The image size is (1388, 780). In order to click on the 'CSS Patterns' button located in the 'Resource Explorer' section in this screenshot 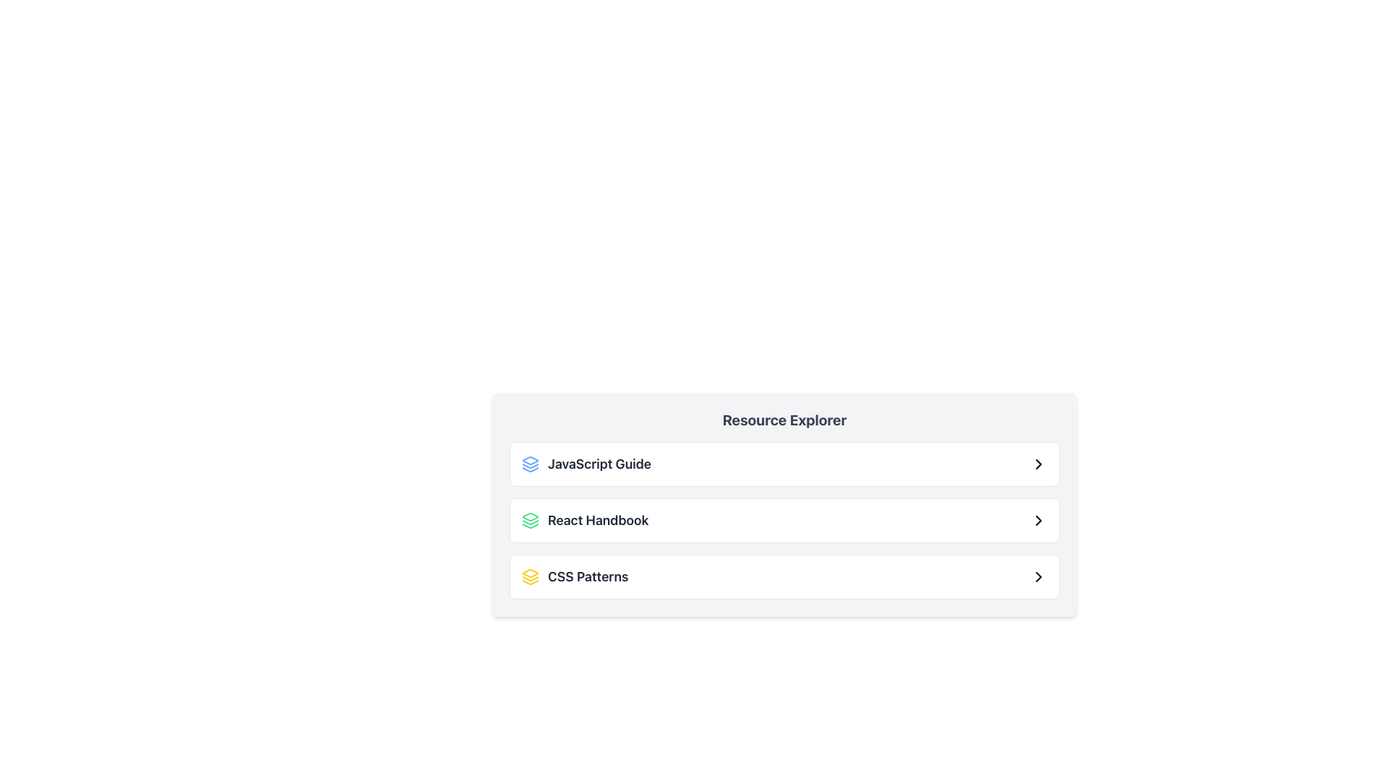, I will do `click(784, 564)`.